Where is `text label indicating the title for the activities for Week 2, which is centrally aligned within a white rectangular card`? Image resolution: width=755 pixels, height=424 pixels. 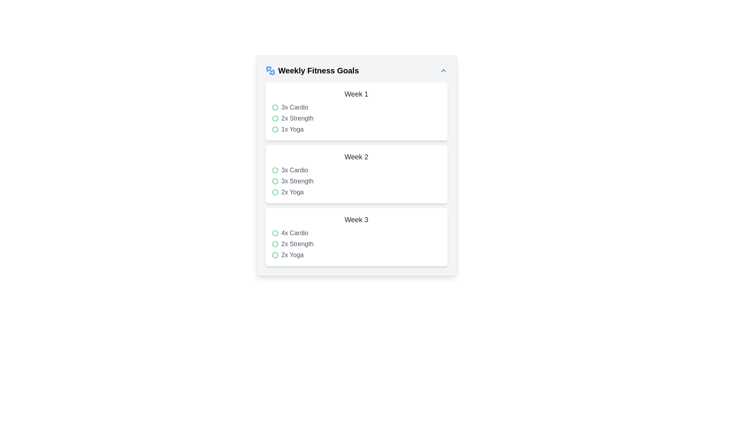 text label indicating the title for the activities for Week 2, which is centrally aligned within a white rectangular card is located at coordinates (356, 157).